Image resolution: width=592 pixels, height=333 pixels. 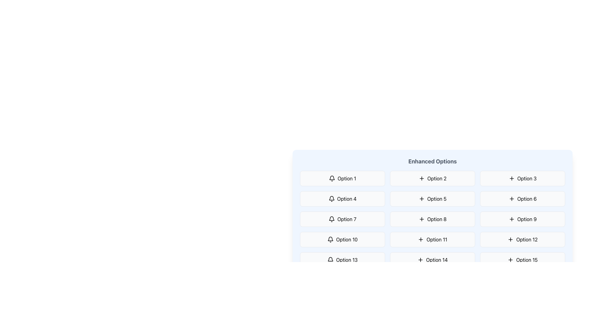 I want to click on the minimalist bell-shaped icon located in the 'Option 4' button area, which is the second item in its column, situated below 'Option 1' and above 'Option 7', so click(x=331, y=198).